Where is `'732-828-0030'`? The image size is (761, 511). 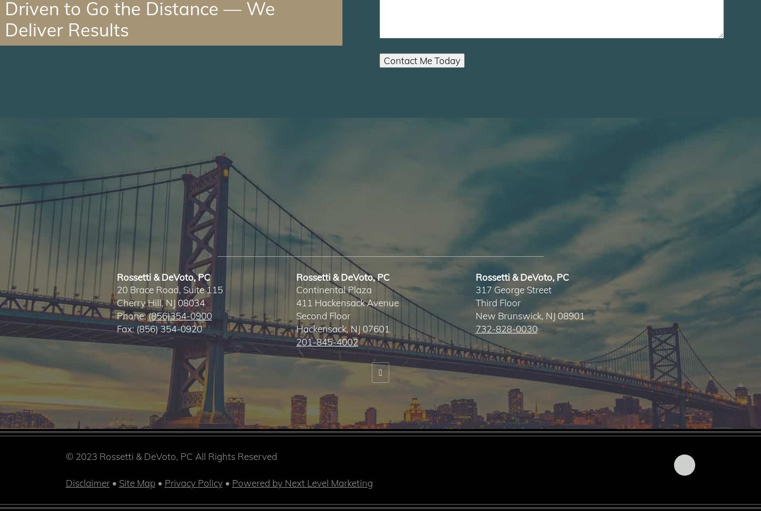
'732-828-0030' is located at coordinates (506, 328).